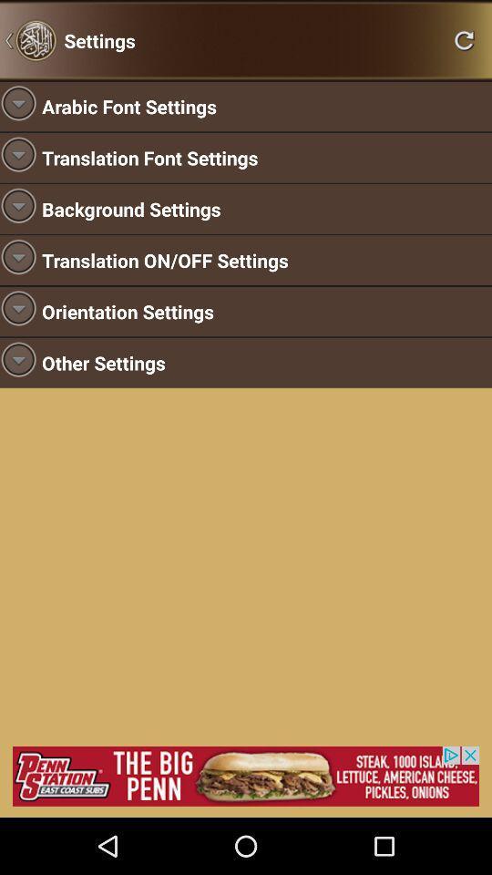  I want to click on refresh page, so click(464, 39).